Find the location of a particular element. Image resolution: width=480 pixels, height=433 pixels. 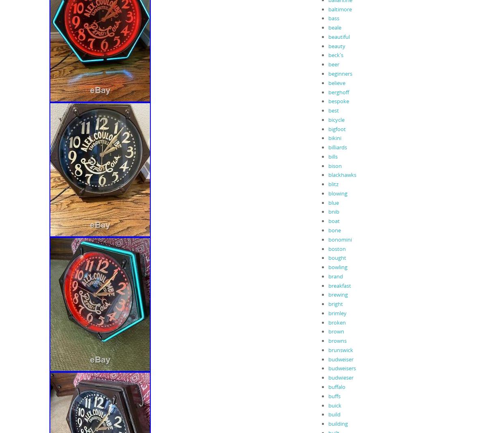

'blue' is located at coordinates (333, 202).